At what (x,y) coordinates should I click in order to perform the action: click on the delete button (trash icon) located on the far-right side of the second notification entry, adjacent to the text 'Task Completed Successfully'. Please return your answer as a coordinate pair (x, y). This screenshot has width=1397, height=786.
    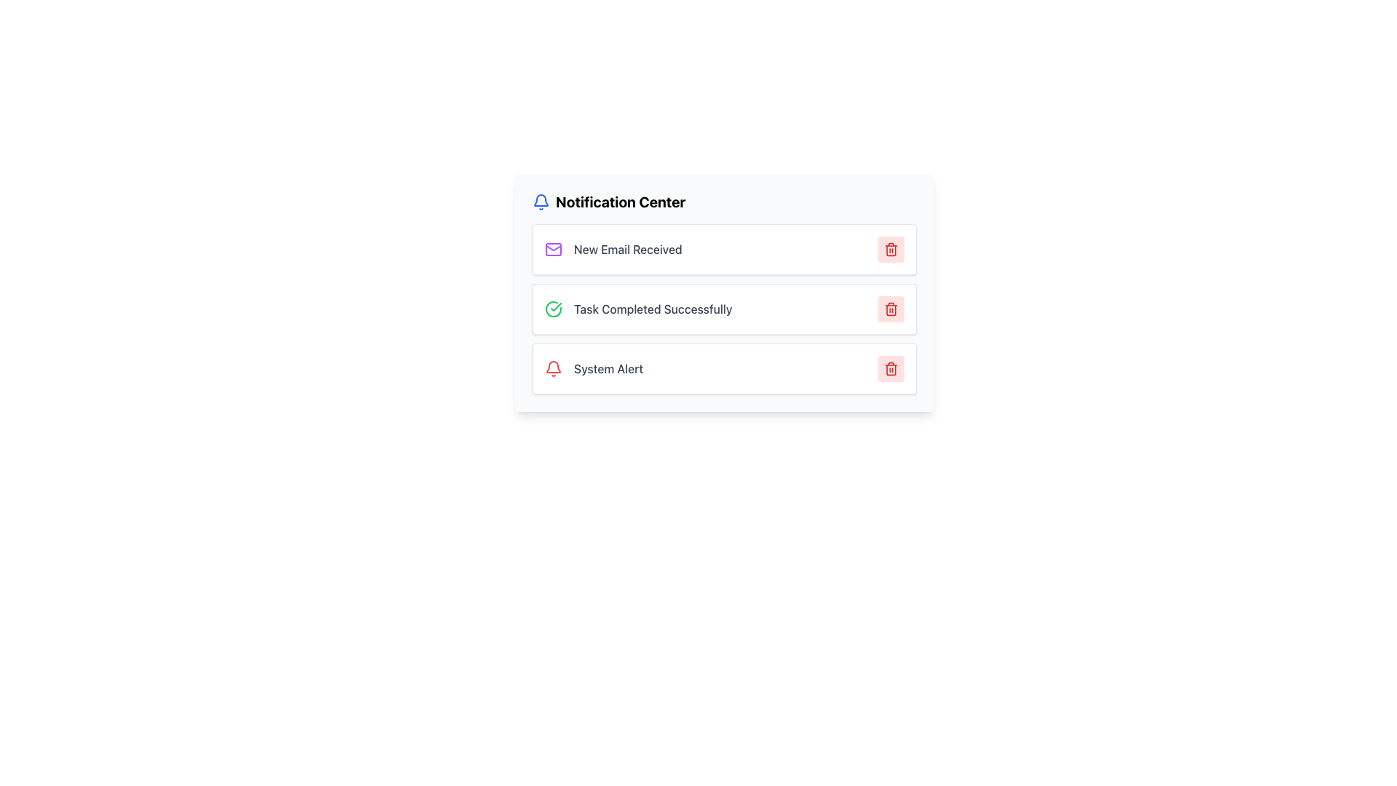
    Looking at the image, I should click on (890, 308).